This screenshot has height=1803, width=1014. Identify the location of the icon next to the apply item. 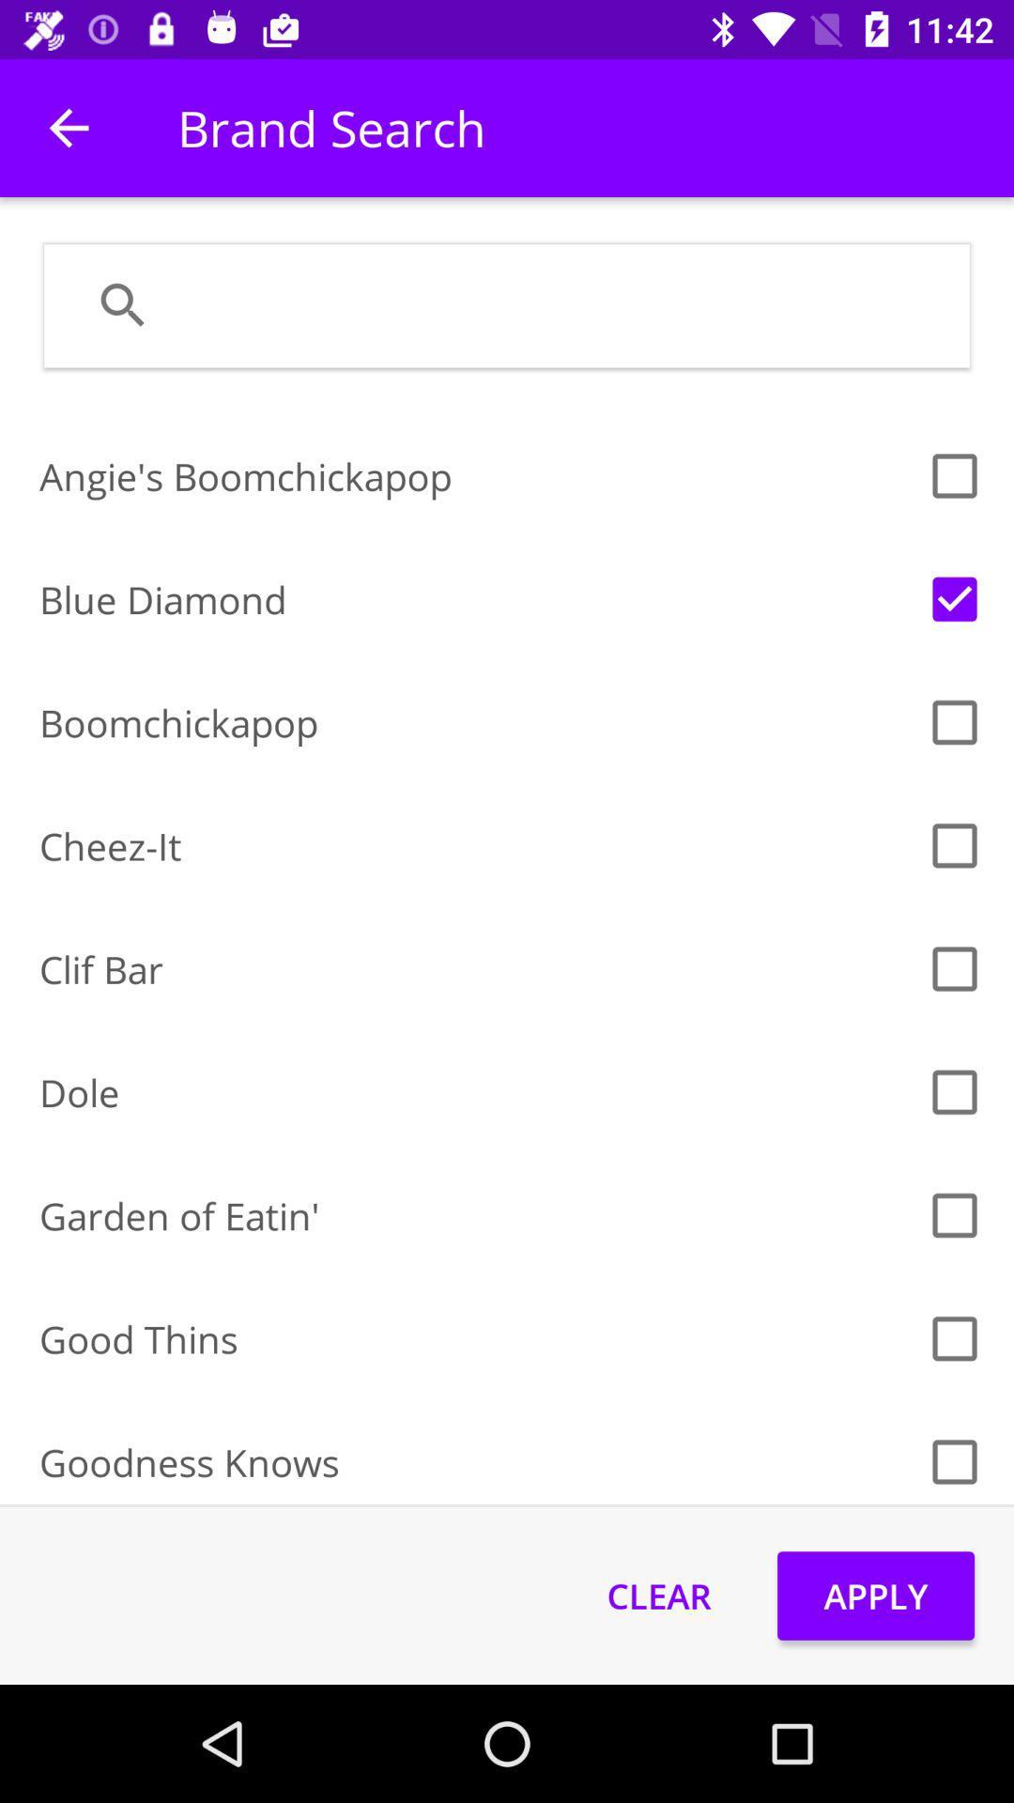
(658, 1595).